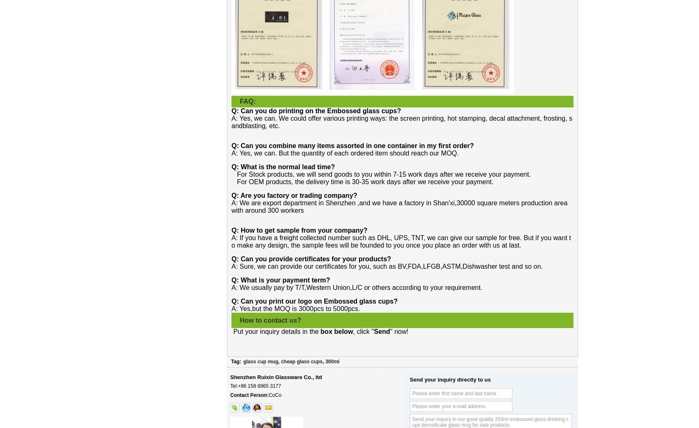  Describe the element at coordinates (276, 377) in the screenshot. I see `'Shenzhen Ruixin Glassware Co., ltd'` at that location.